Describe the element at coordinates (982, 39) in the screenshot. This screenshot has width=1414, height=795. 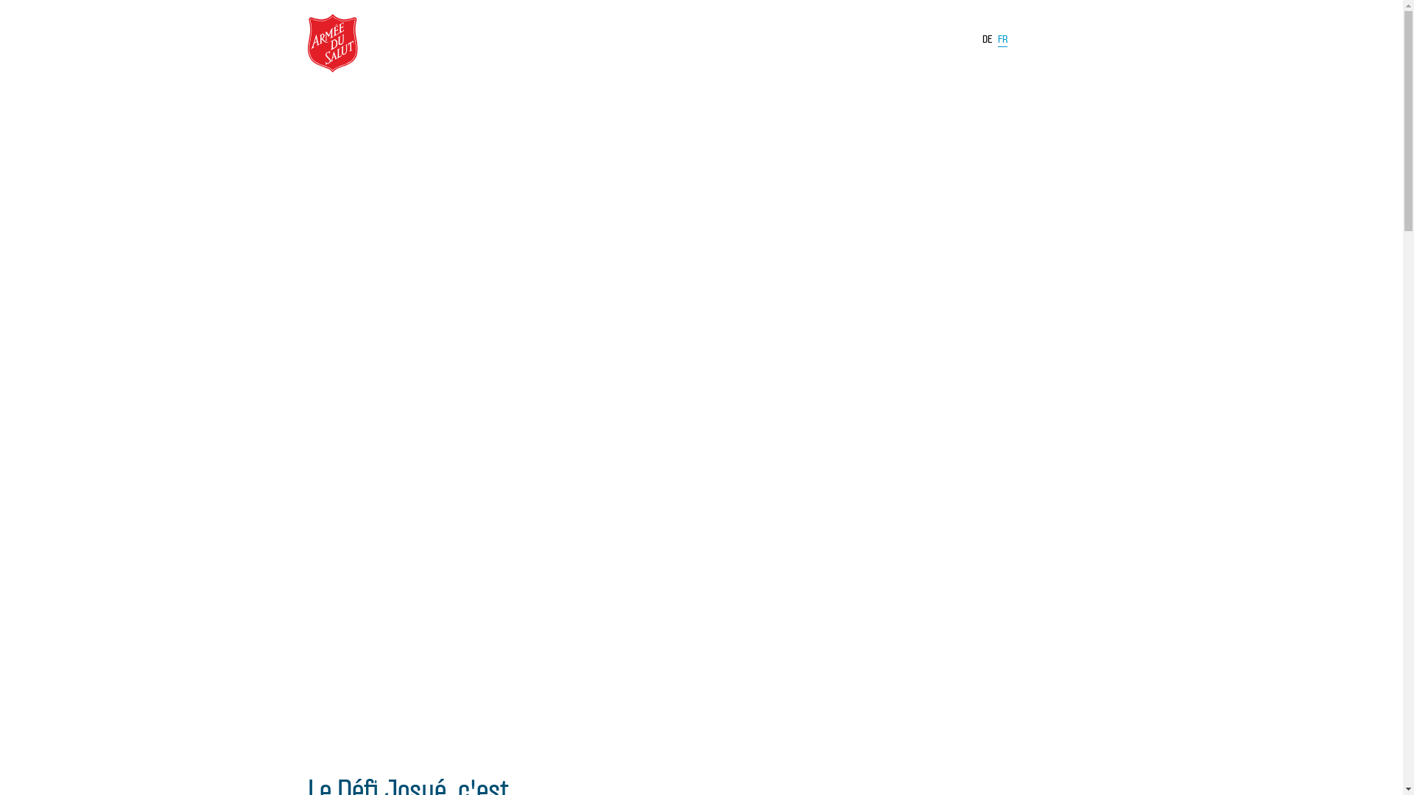
I see `'DE'` at that location.